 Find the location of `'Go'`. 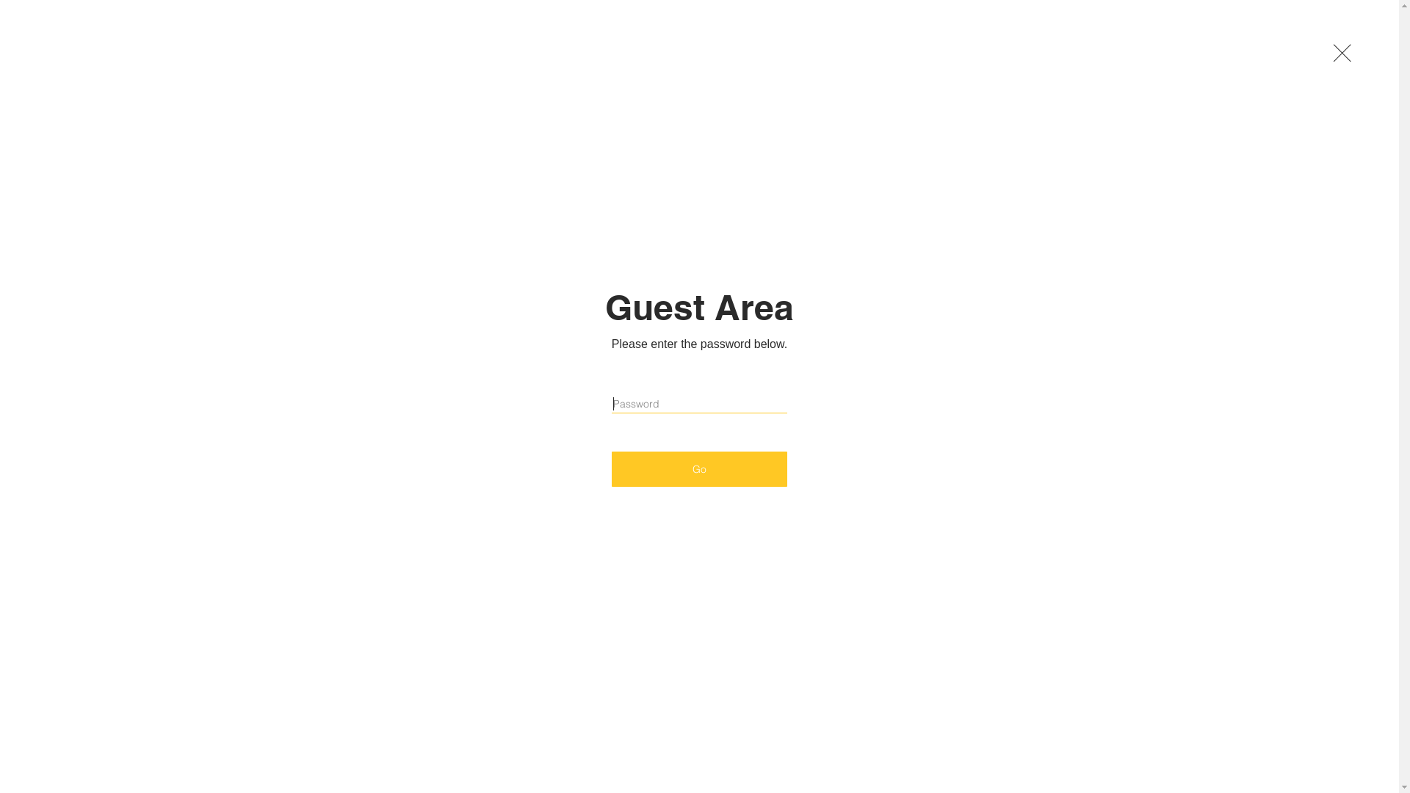

'Go' is located at coordinates (698, 469).